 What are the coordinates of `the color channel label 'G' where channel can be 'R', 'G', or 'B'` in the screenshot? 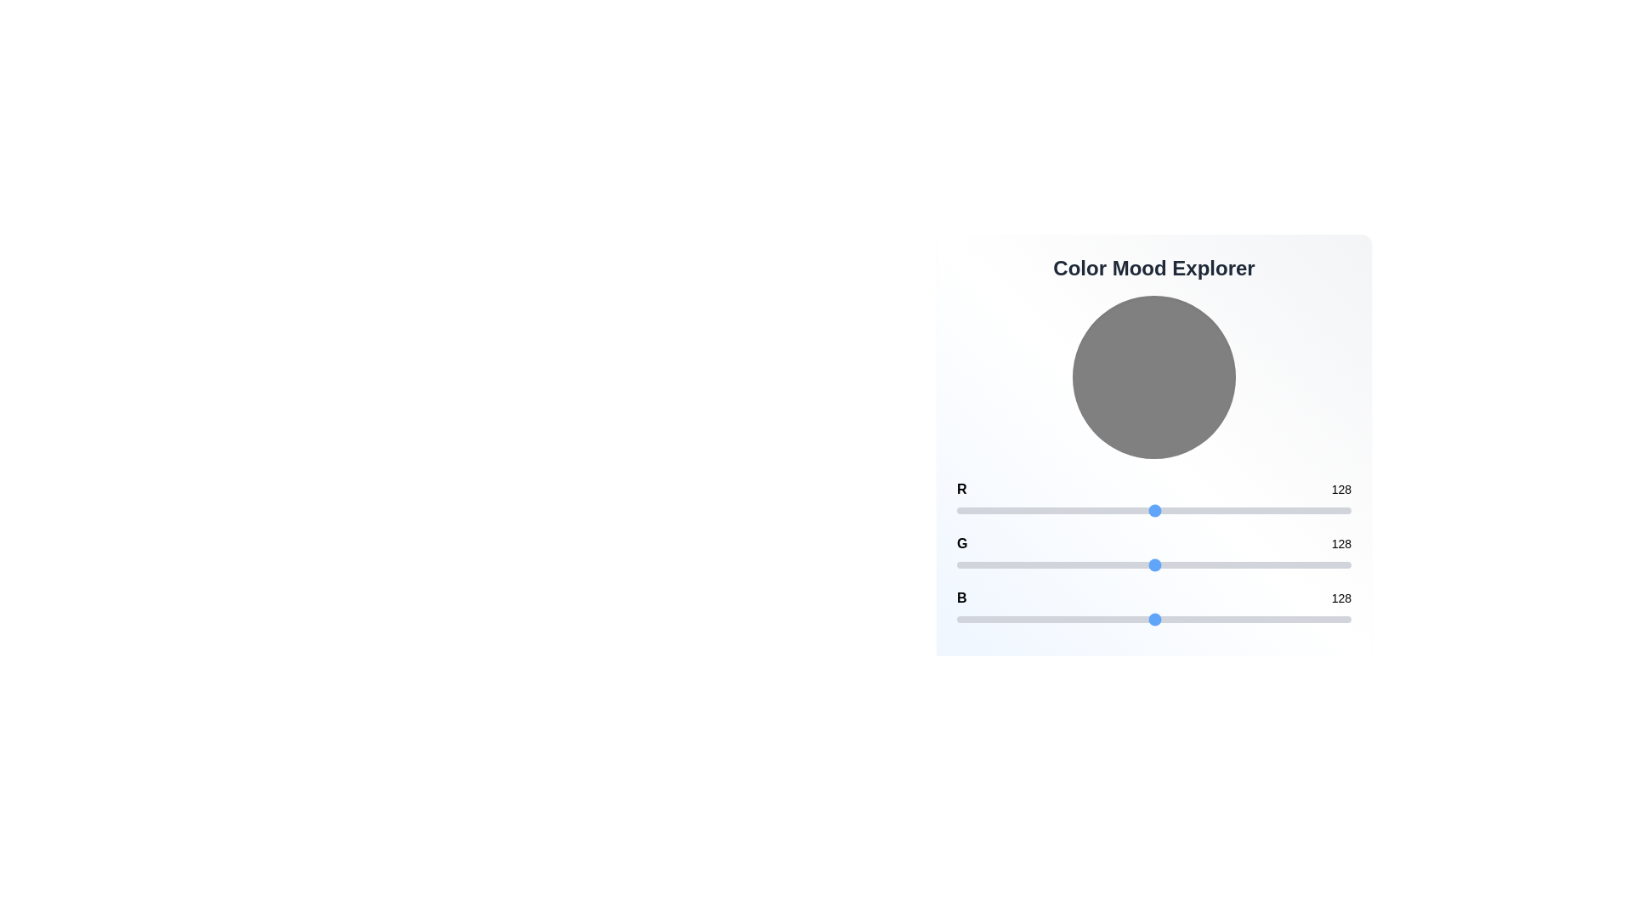 It's located at (962, 544).